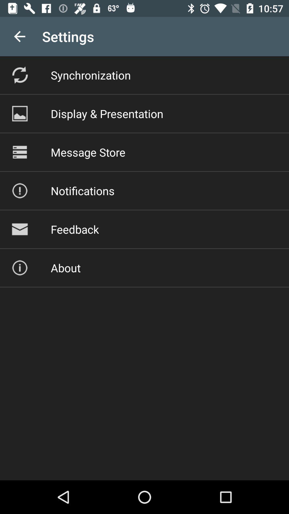 This screenshot has height=514, width=289. Describe the element at coordinates (75, 229) in the screenshot. I see `the feedback` at that location.